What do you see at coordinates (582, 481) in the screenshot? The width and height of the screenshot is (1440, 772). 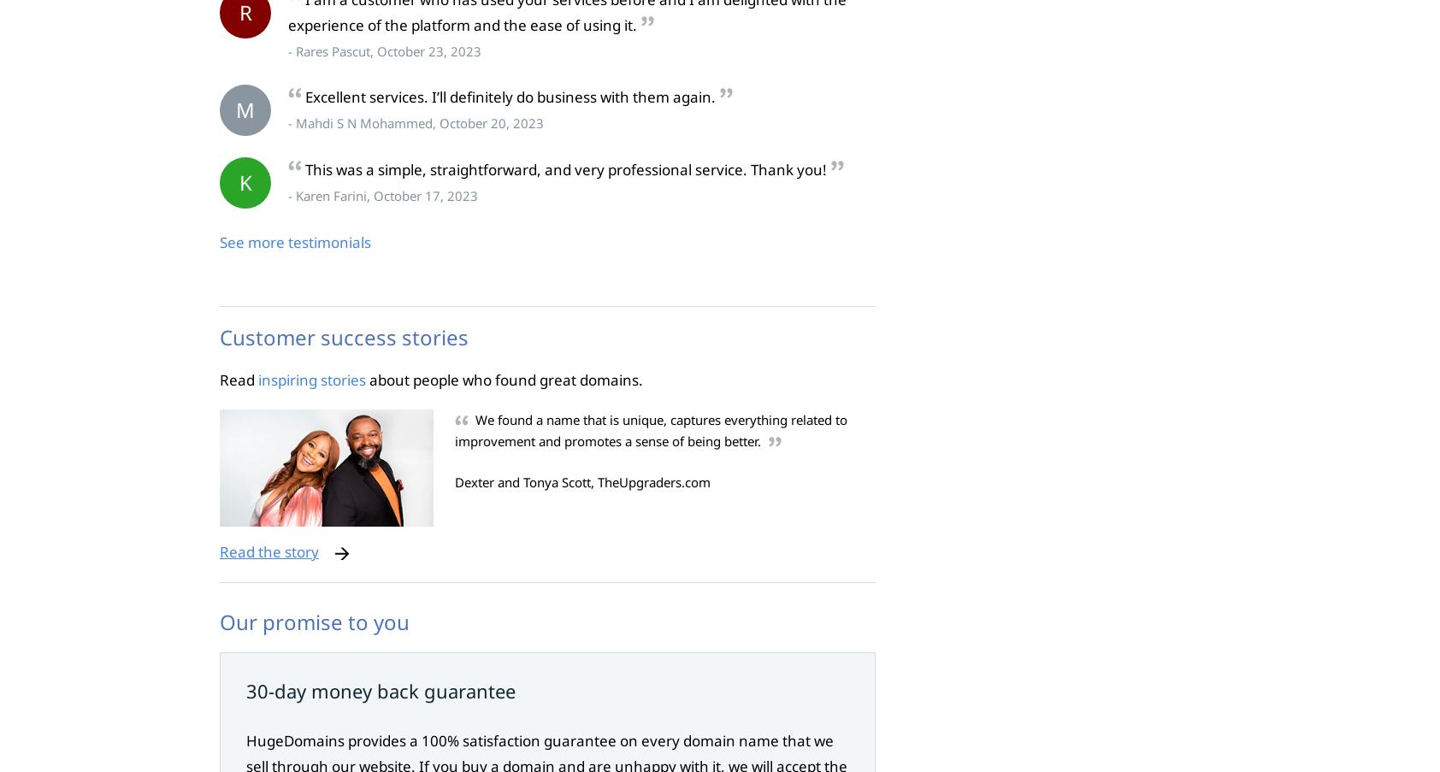 I see `'Dexter and Tonya Scott, TheUpgraders.com'` at bounding box center [582, 481].